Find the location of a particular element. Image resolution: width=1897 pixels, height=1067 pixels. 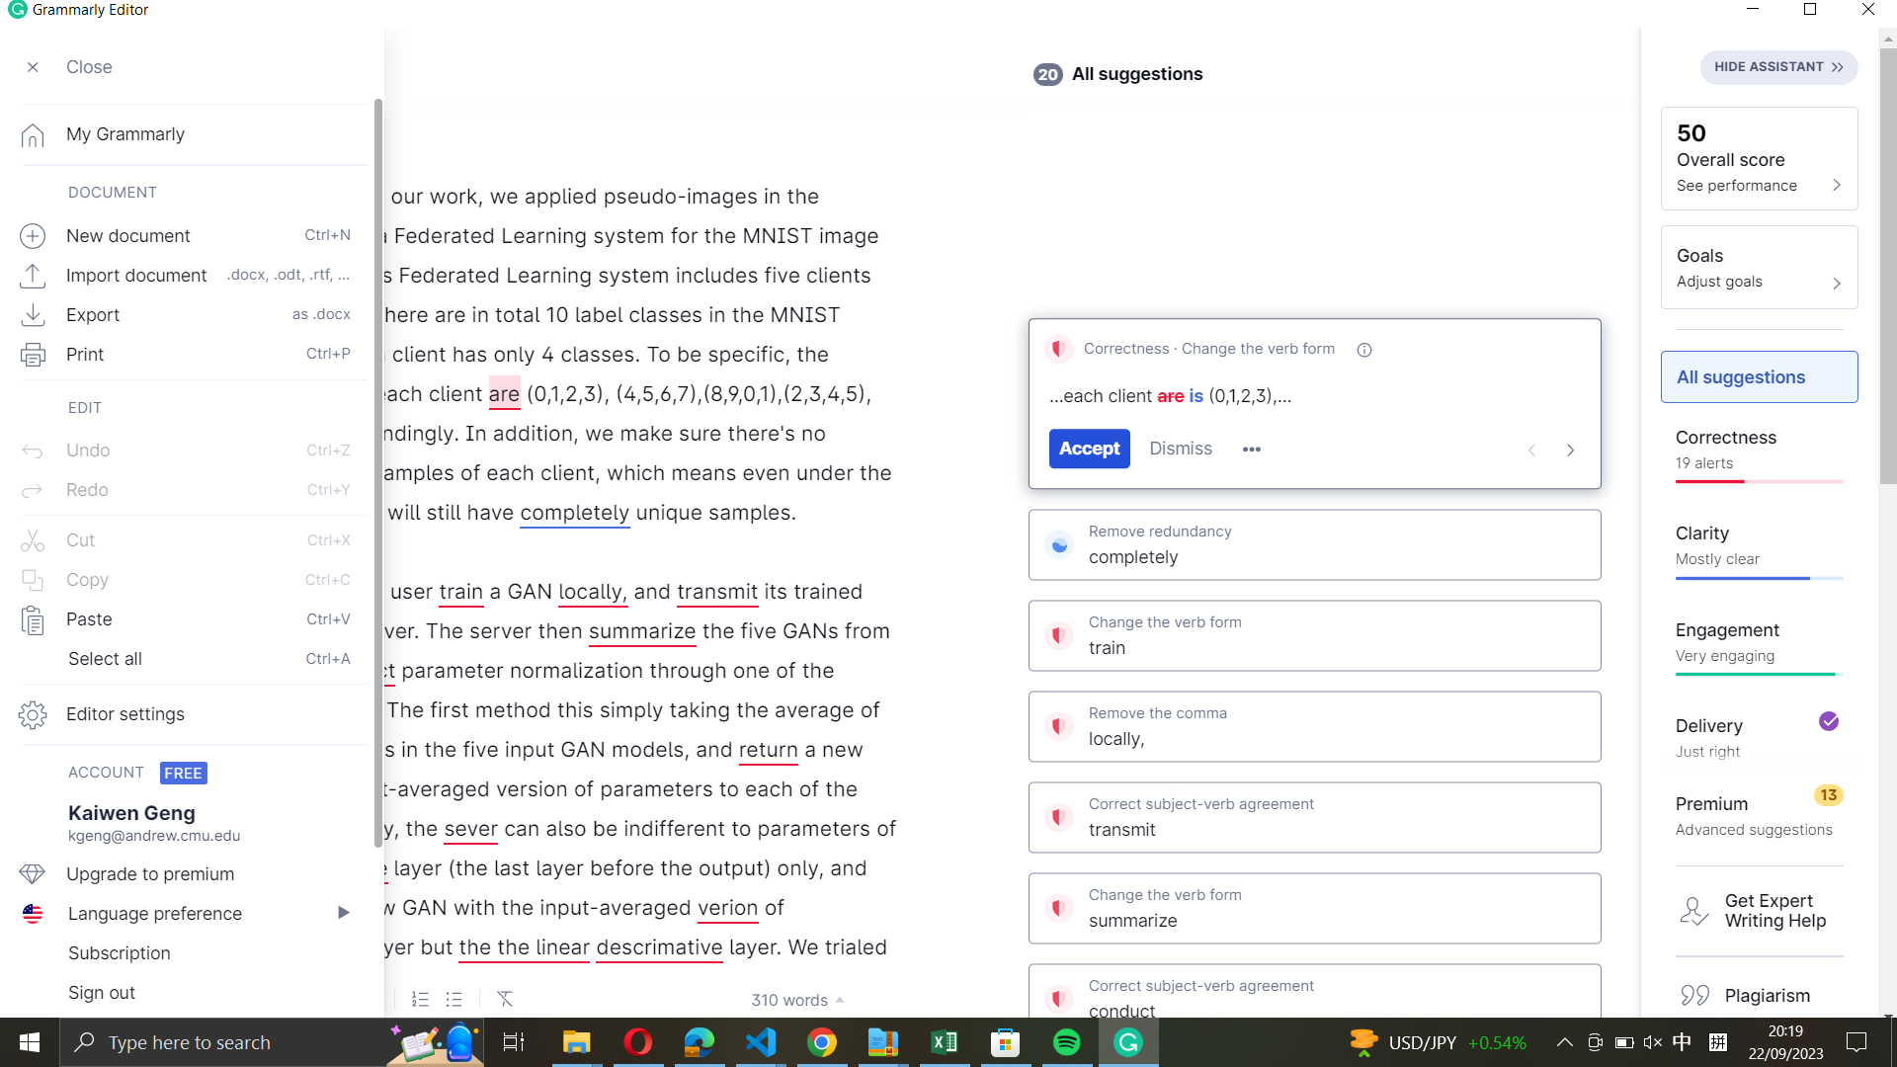

Sign out of the editor is located at coordinates (191, 995).